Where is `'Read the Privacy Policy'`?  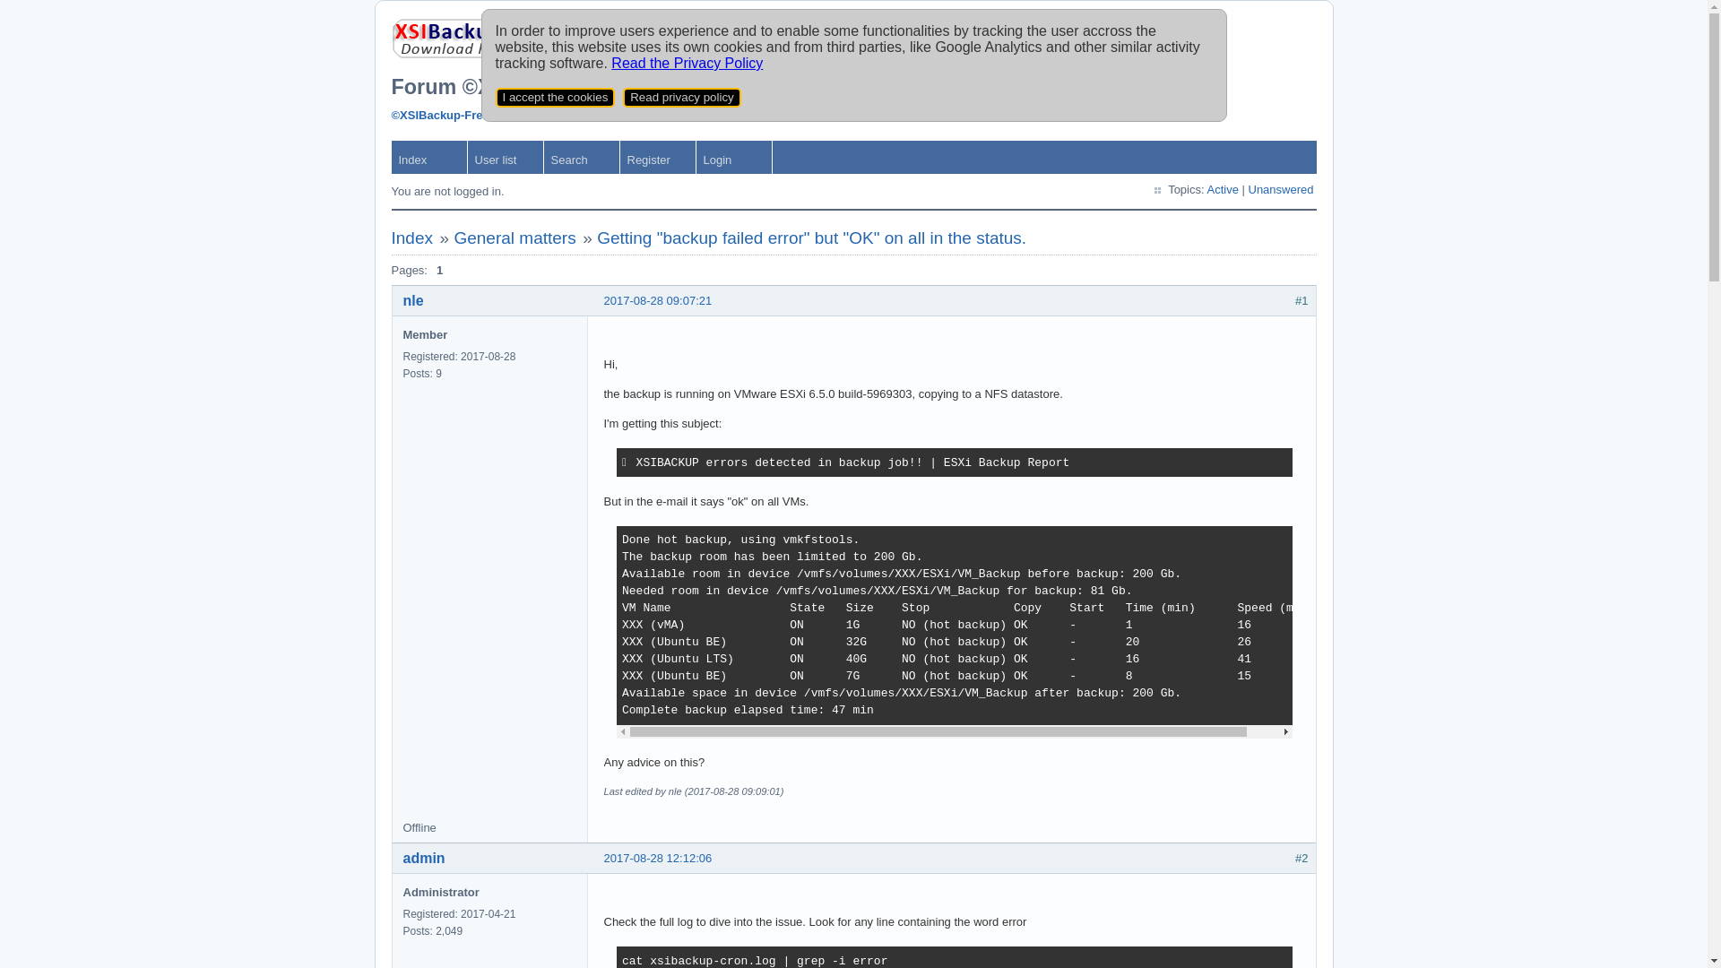
'Read the Privacy Policy' is located at coordinates (686, 62).